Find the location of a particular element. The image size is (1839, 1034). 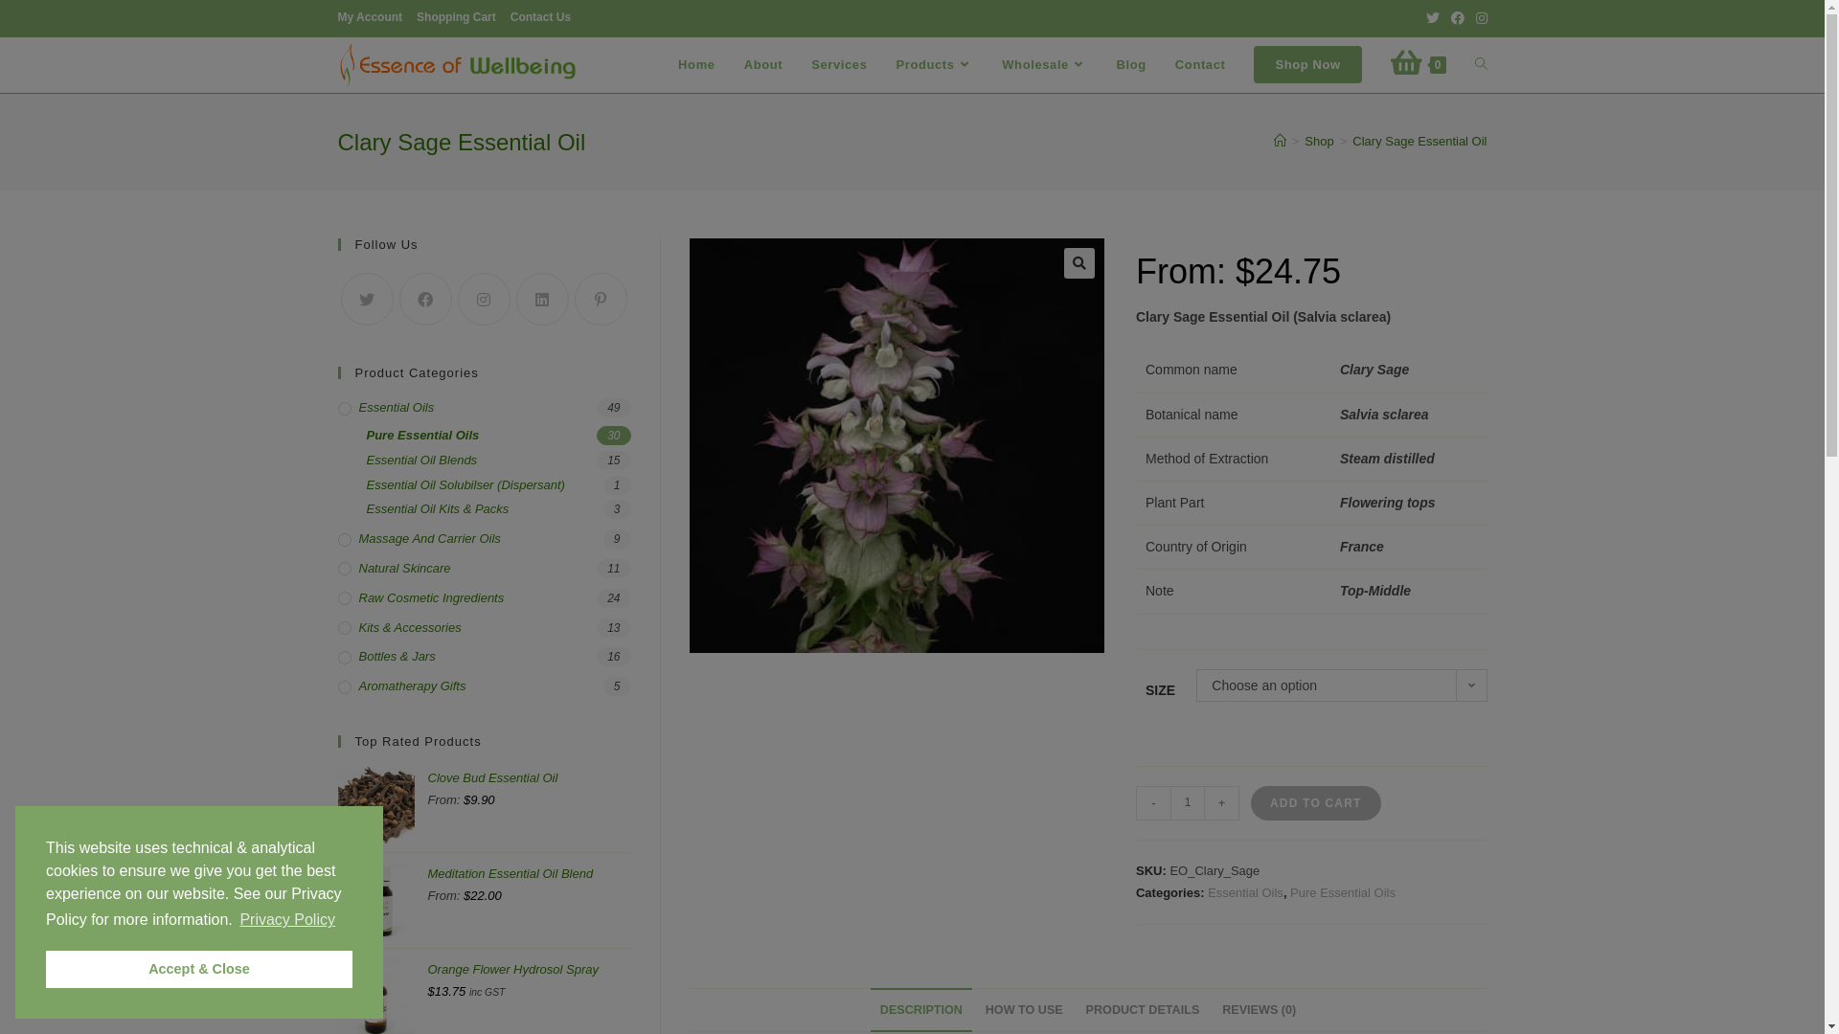

'Essential Oil Kits & Packs' is located at coordinates (497, 508).